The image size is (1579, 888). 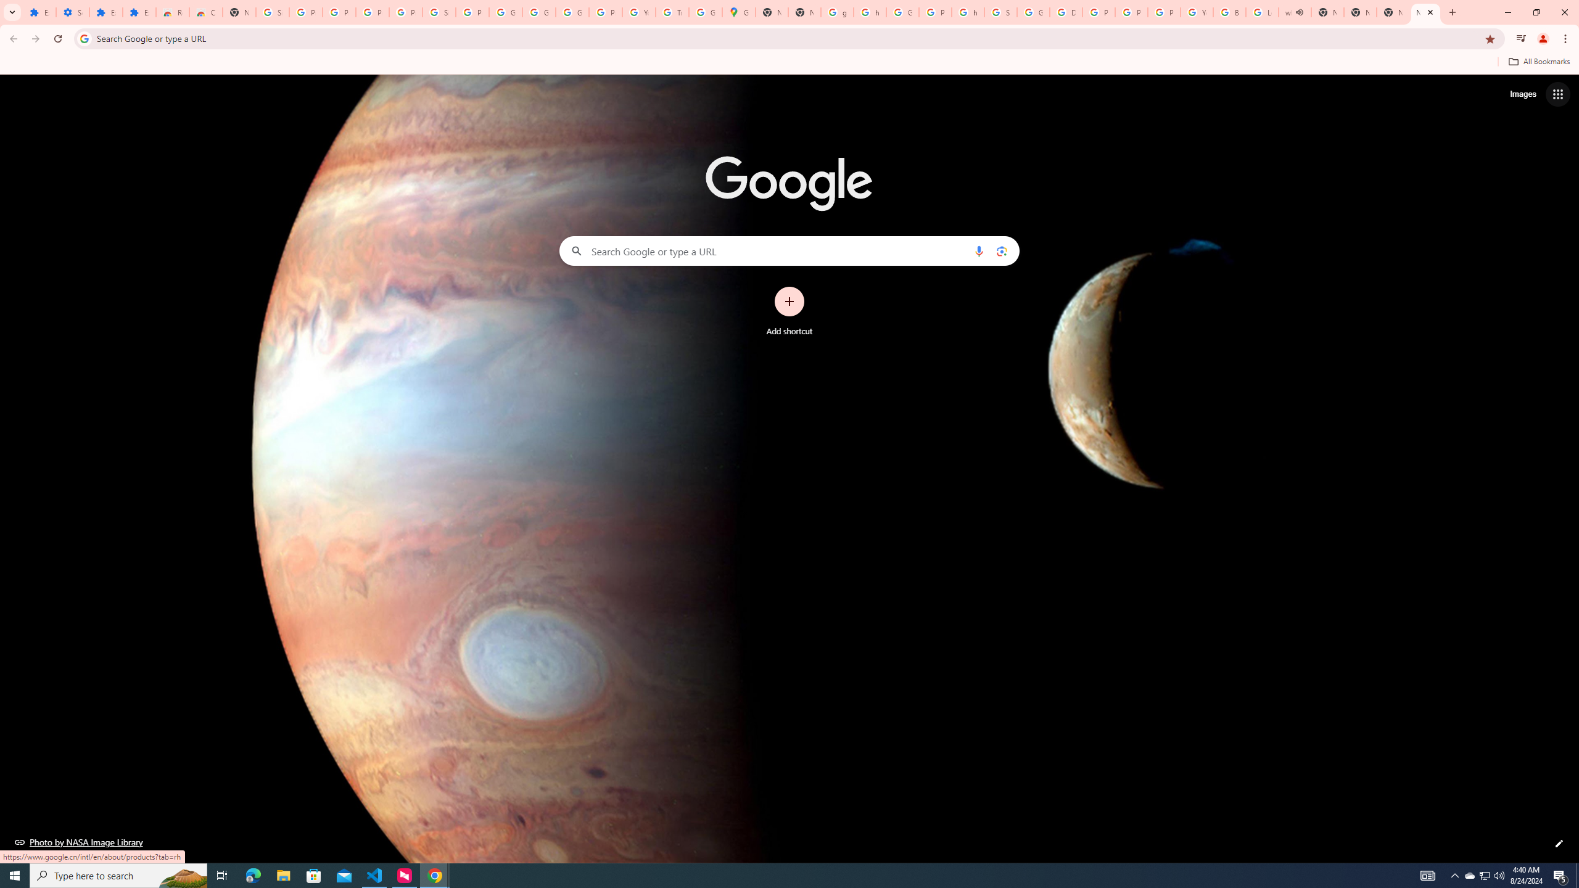 I want to click on 'Privacy Help Center - Policies Help', so click(x=1099, y=12).